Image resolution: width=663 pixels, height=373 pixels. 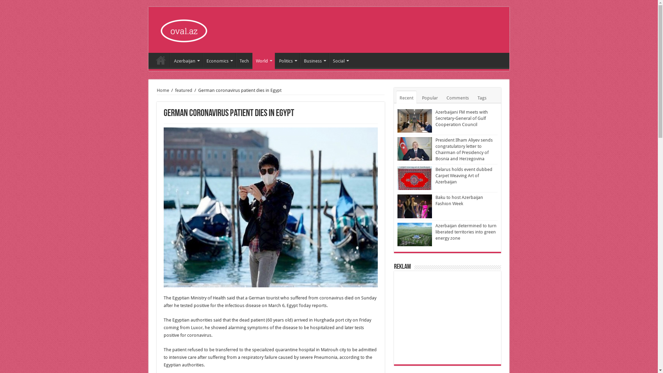 I want to click on 'Comments', so click(x=443, y=97).